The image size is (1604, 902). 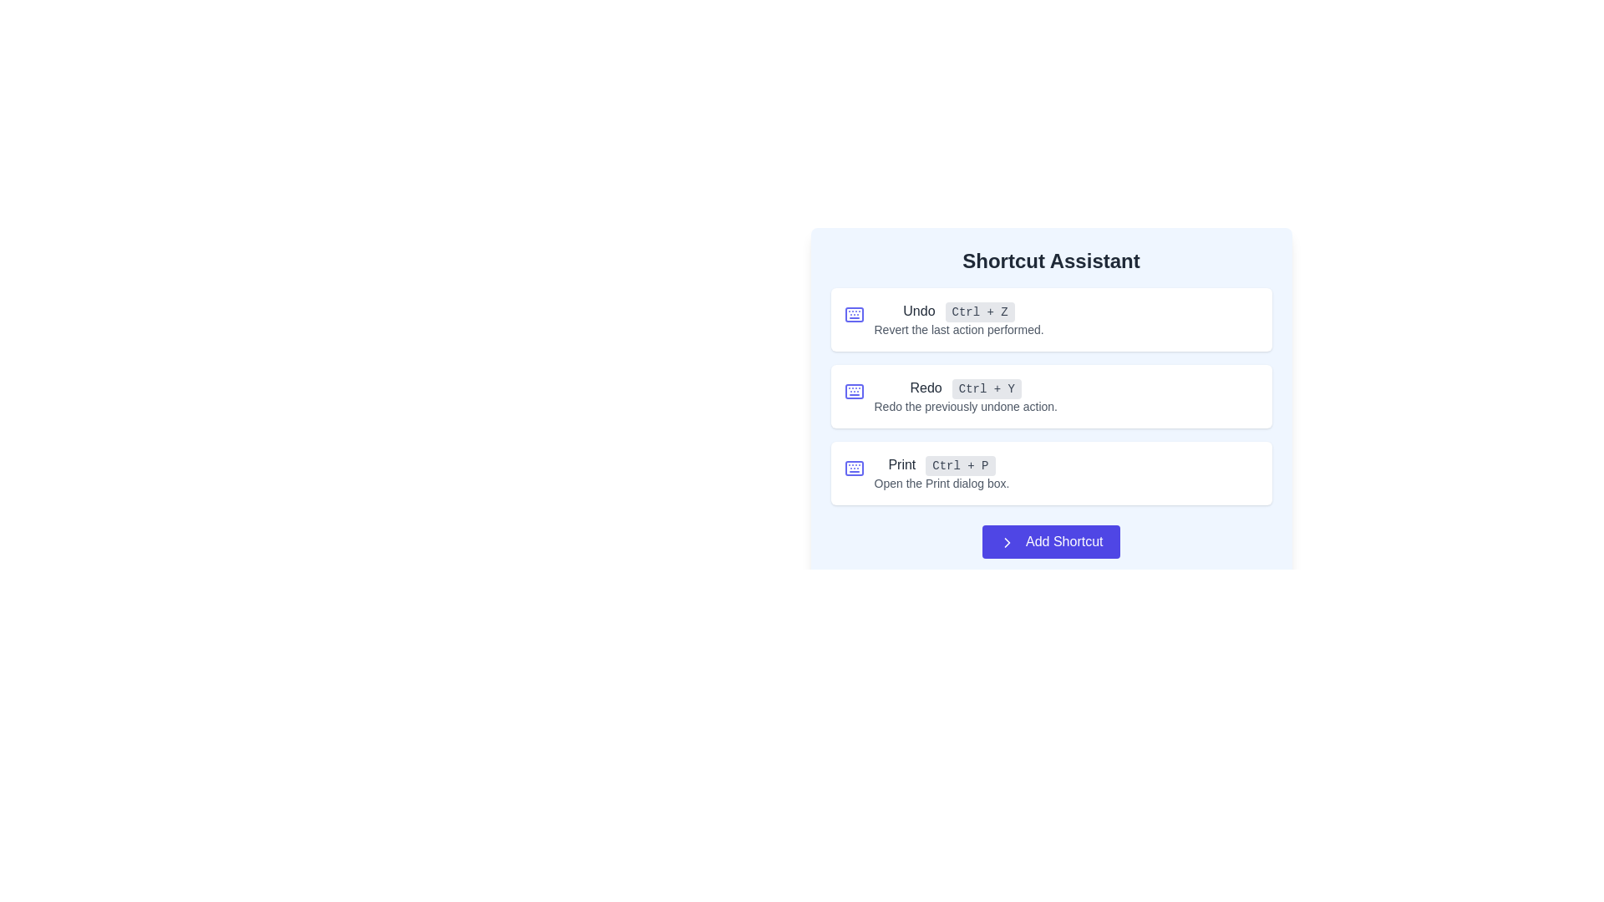 What do you see at coordinates (854, 468) in the screenshot?
I see `the decorative SVG element representing a keyboard icon, located to the left of the 'Undo Ctrl + Z' shortcut entry` at bounding box center [854, 468].